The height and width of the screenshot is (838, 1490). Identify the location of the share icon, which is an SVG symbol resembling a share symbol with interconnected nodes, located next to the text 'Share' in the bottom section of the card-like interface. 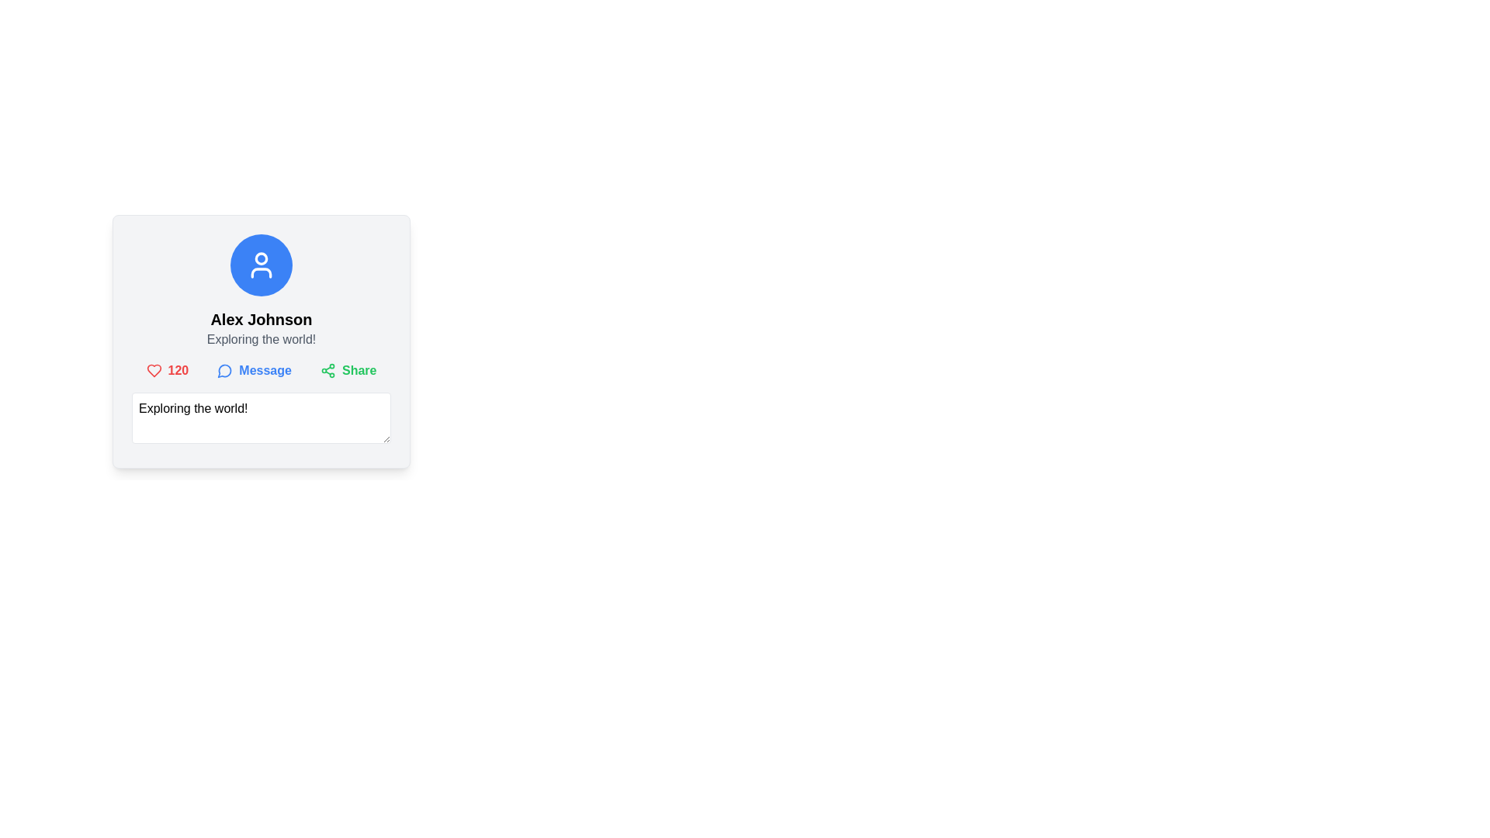
(327, 371).